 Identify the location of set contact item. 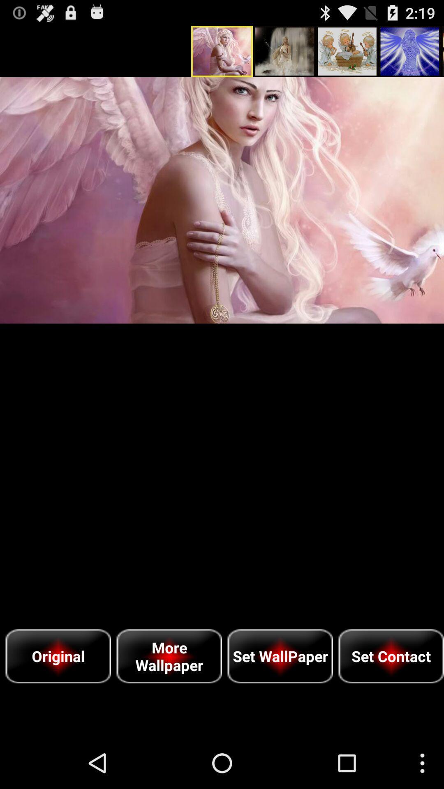
(391, 656).